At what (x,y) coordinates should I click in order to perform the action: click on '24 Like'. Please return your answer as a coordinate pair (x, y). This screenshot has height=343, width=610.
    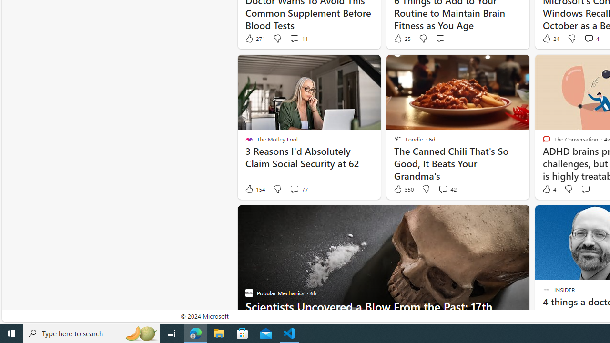
    Looking at the image, I should click on (550, 38).